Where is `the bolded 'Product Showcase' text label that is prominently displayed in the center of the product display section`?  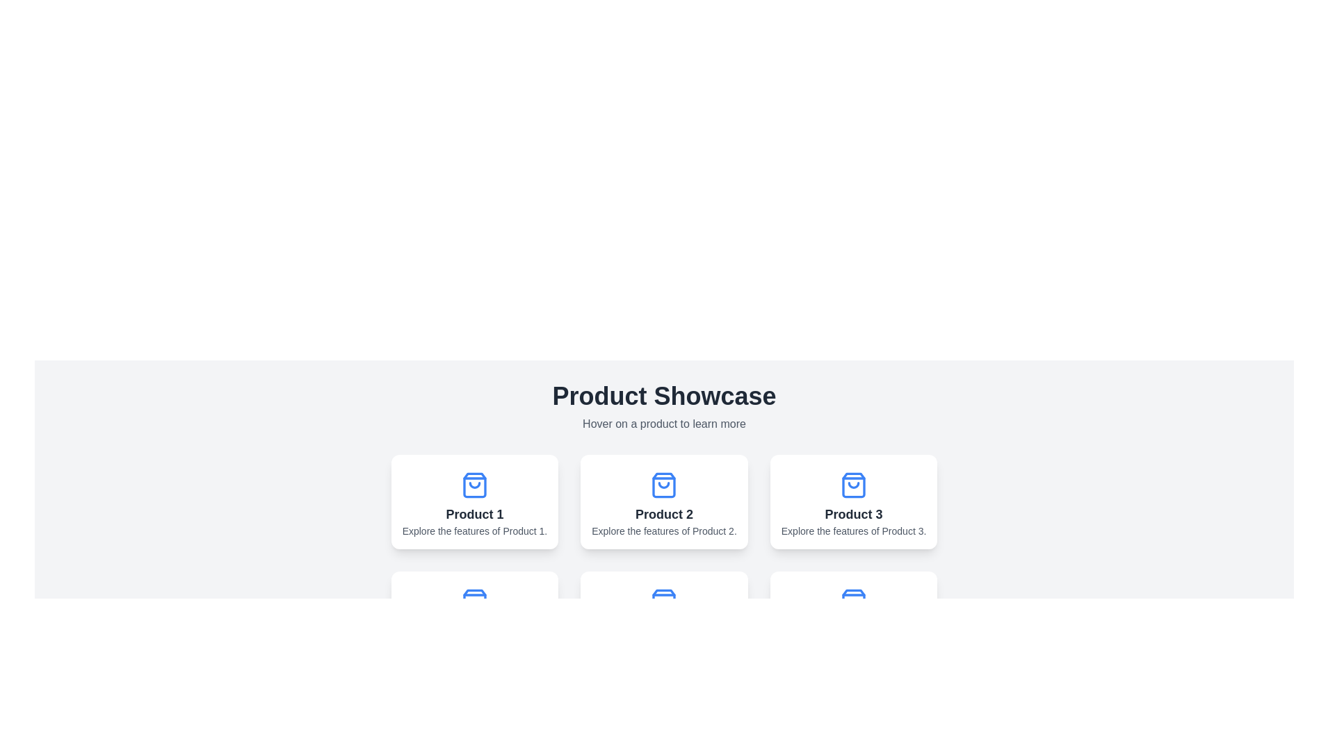
the bolded 'Product Showcase' text label that is prominently displayed in the center of the product display section is located at coordinates (663, 396).